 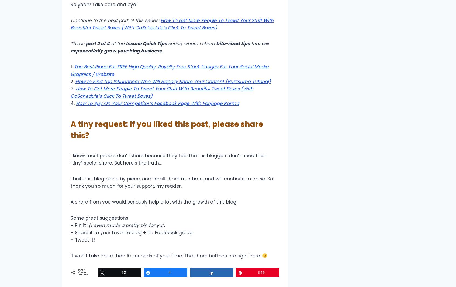 What do you see at coordinates (123, 273) in the screenshot?
I see `'52'` at bounding box center [123, 273].